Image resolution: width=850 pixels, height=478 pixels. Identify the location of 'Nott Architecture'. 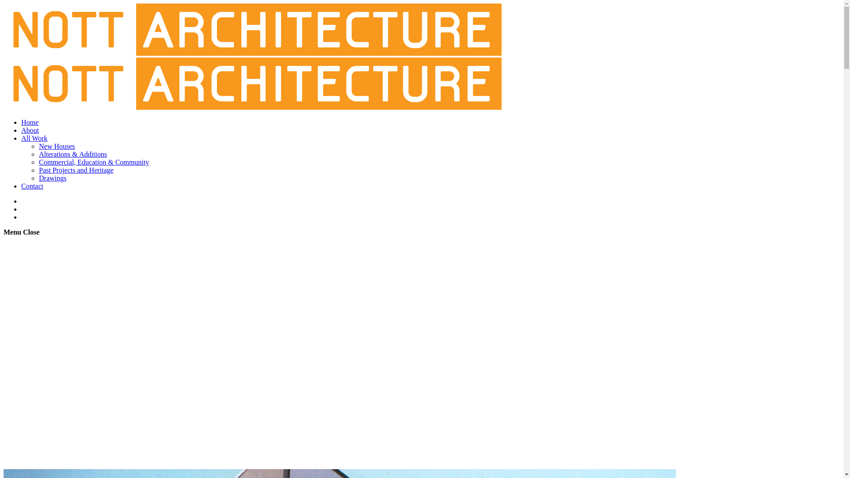
(252, 80).